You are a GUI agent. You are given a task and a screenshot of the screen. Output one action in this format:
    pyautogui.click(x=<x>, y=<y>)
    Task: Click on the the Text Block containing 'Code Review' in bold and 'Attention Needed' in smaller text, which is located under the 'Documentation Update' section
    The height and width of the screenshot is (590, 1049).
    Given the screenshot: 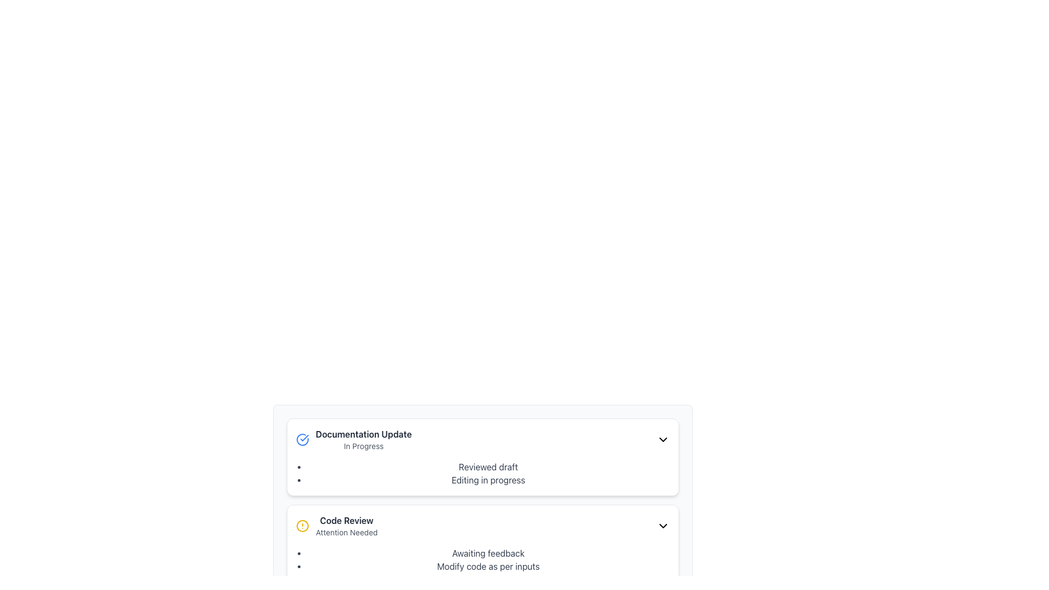 What is the action you would take?
    pyautogui.click(x=346, y=526)
    